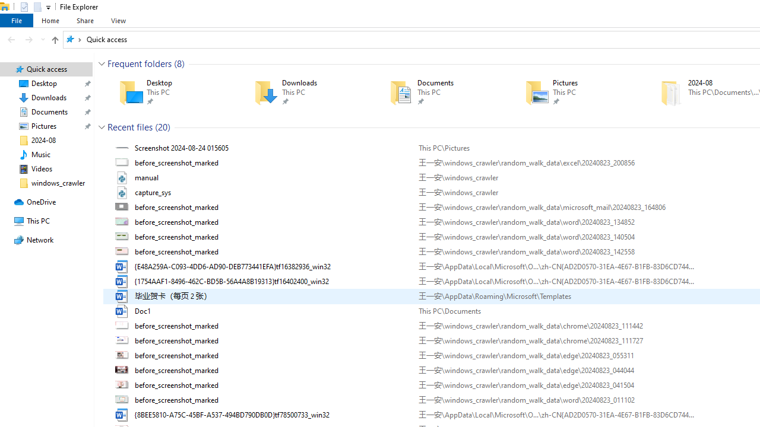 The image size is (760, 427). I want to click on 'All locations', so click(73, 39).